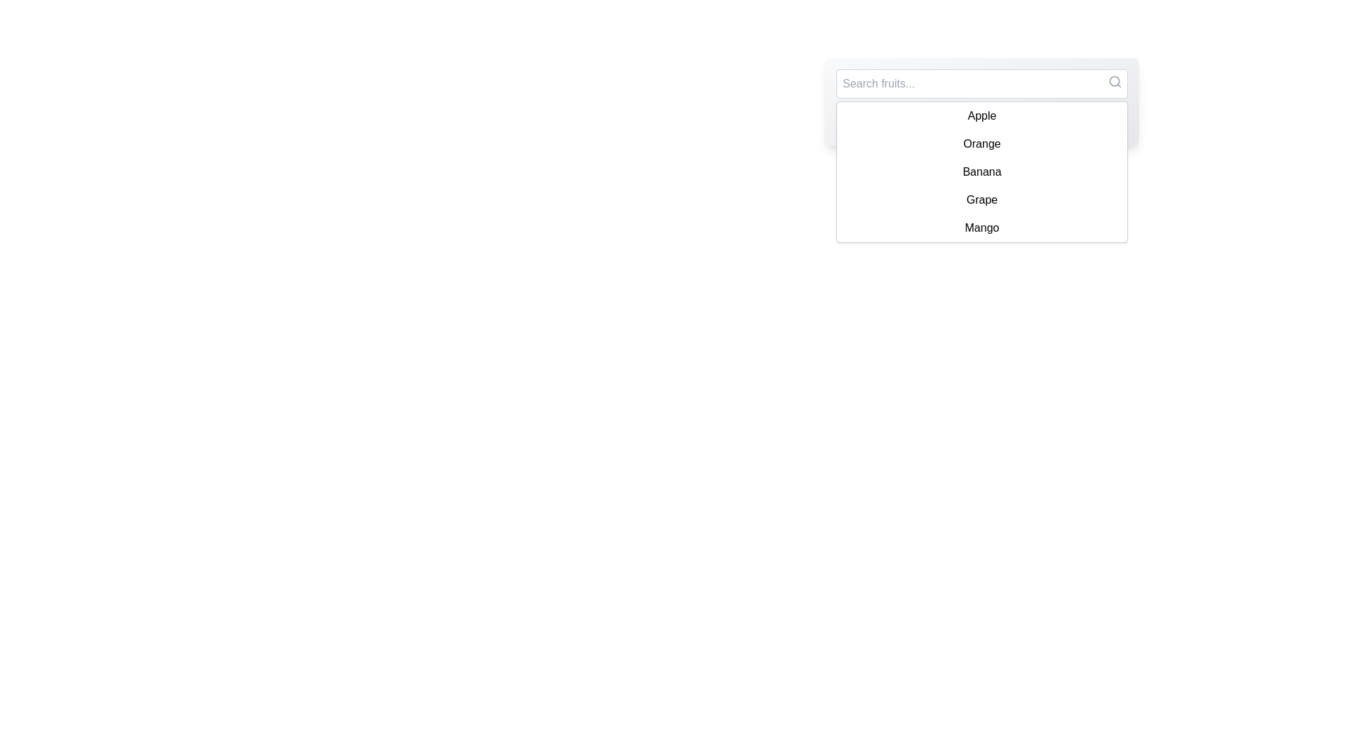 This screenshot has height=756, width=1345. What do you see at coordinates (1115, 81) in the screenshot?
I see `the magnifying glass icon located in the top-right corner of the search input field` at bounding box center [1115, 81].